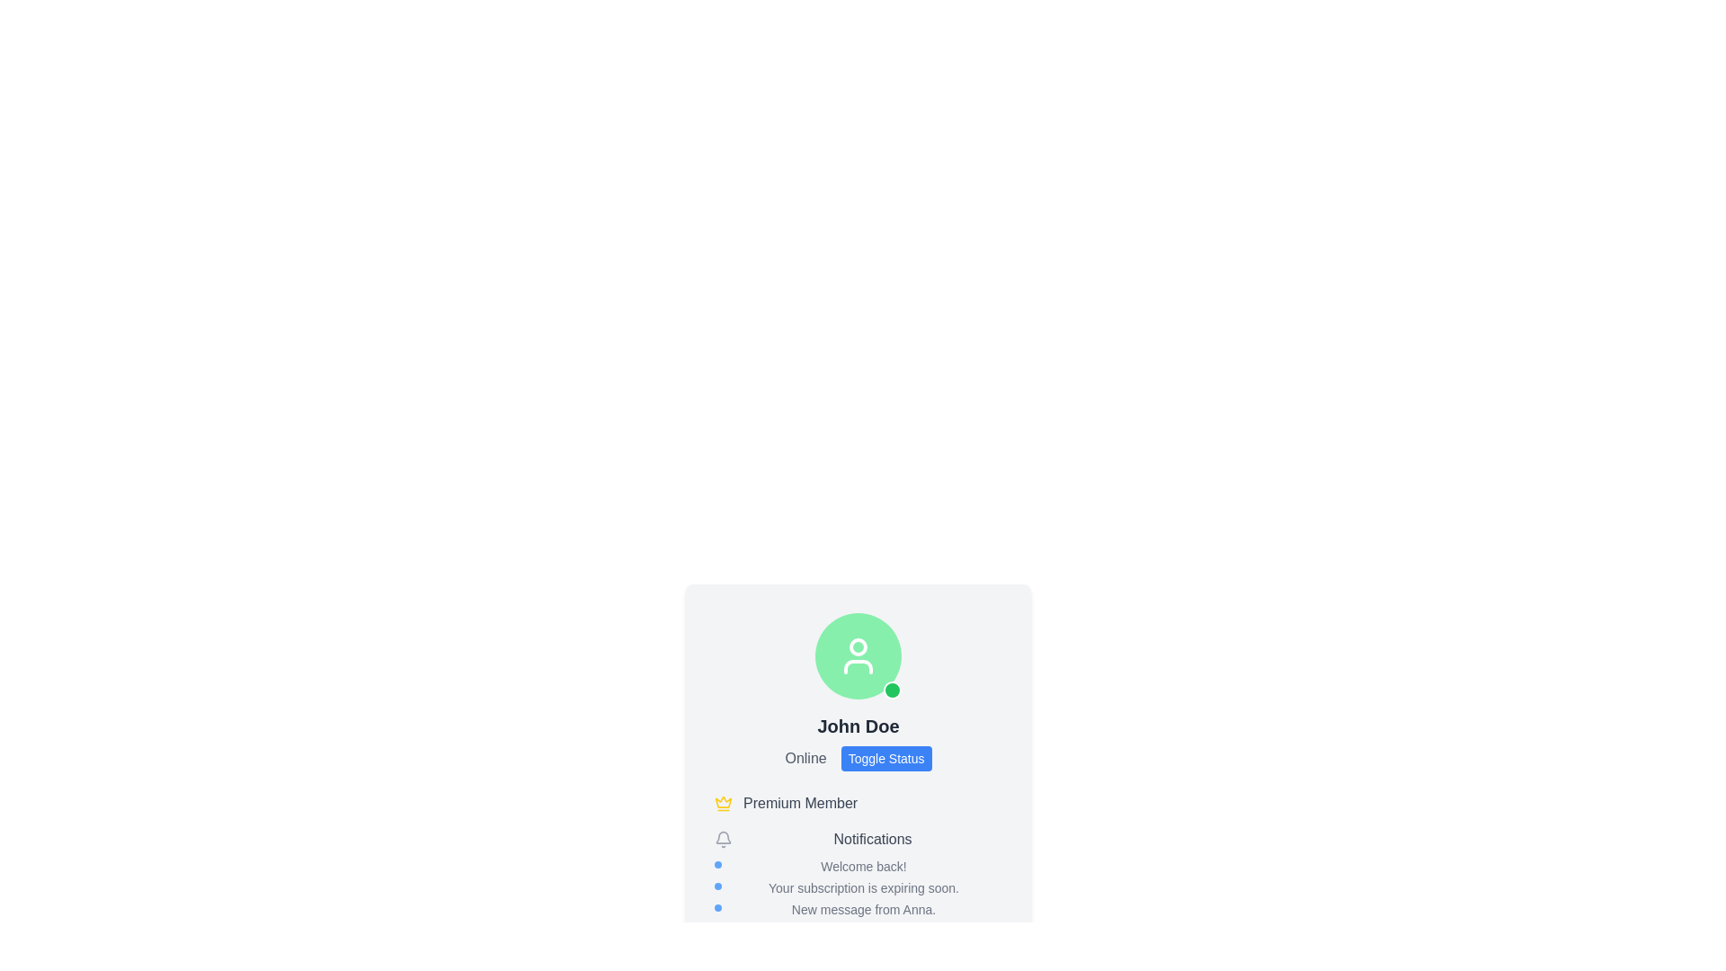 Image resolution: width=1726 pixels, height=971 pixels. I want to click on the torso vector graphic within the user identification SVG icon, which is located below the circular head shape element, so click(858, 666).